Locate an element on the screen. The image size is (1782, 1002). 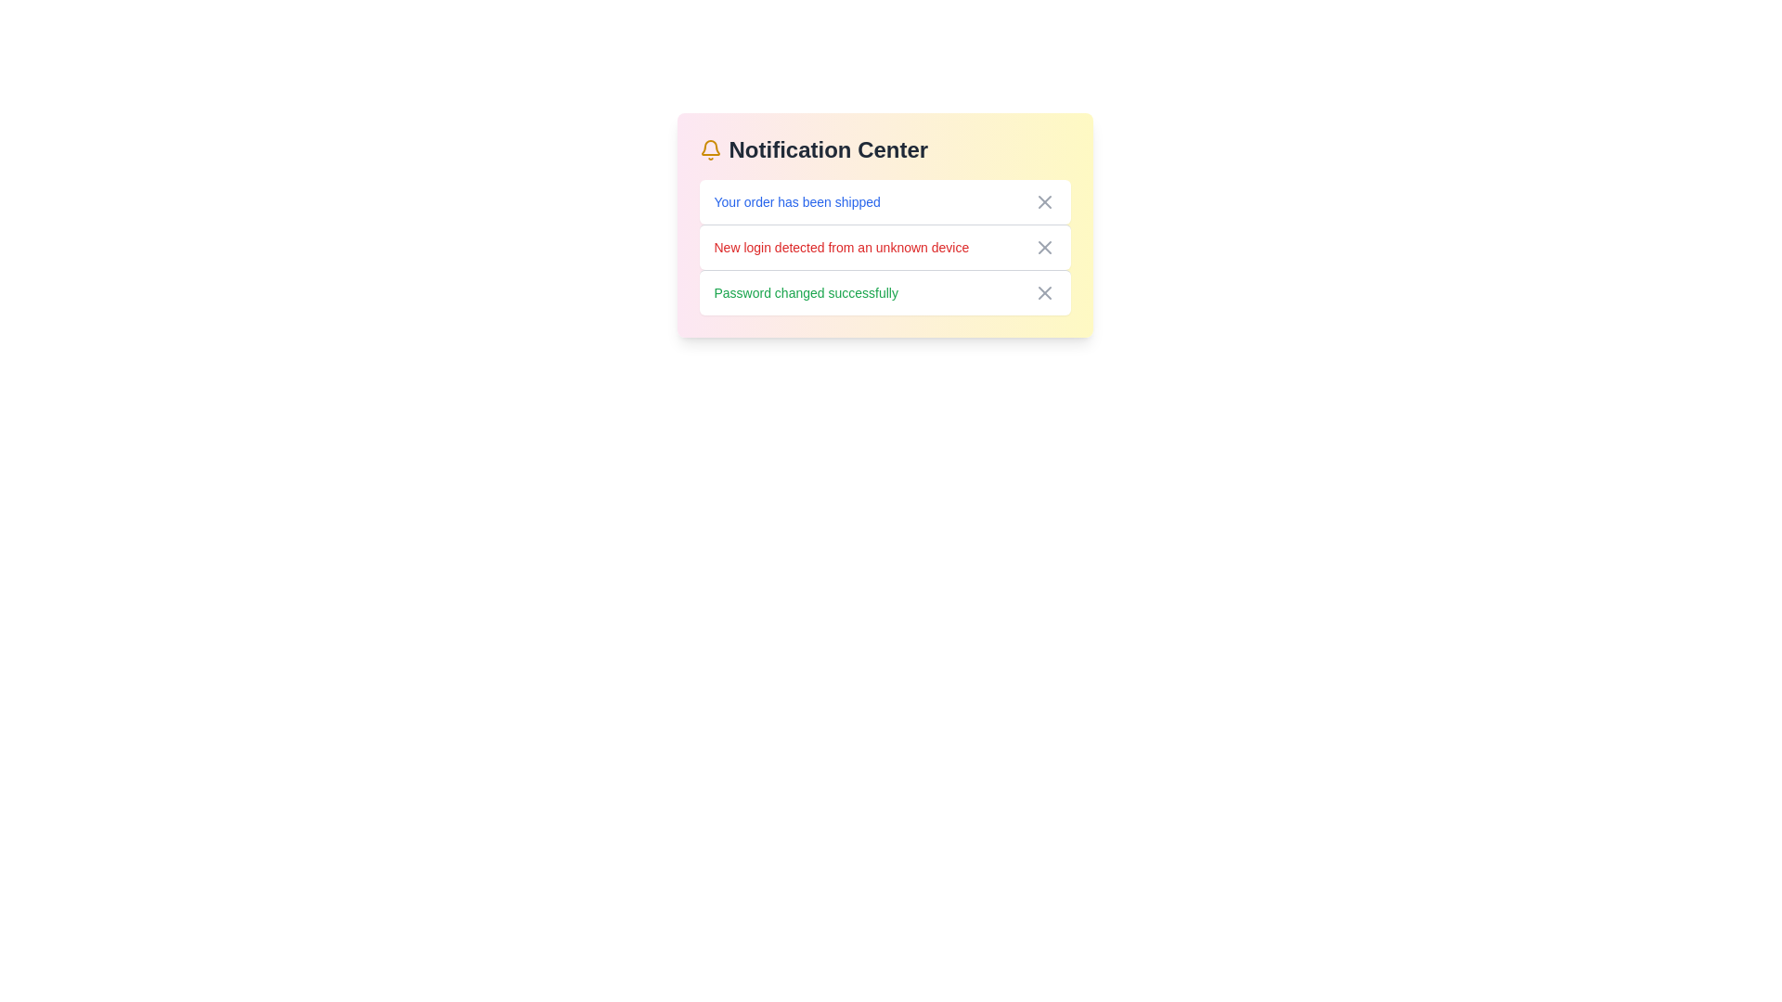
close button of the notification with message 'Password changed successfully' to remove it is located at coordinates (1044, 292).